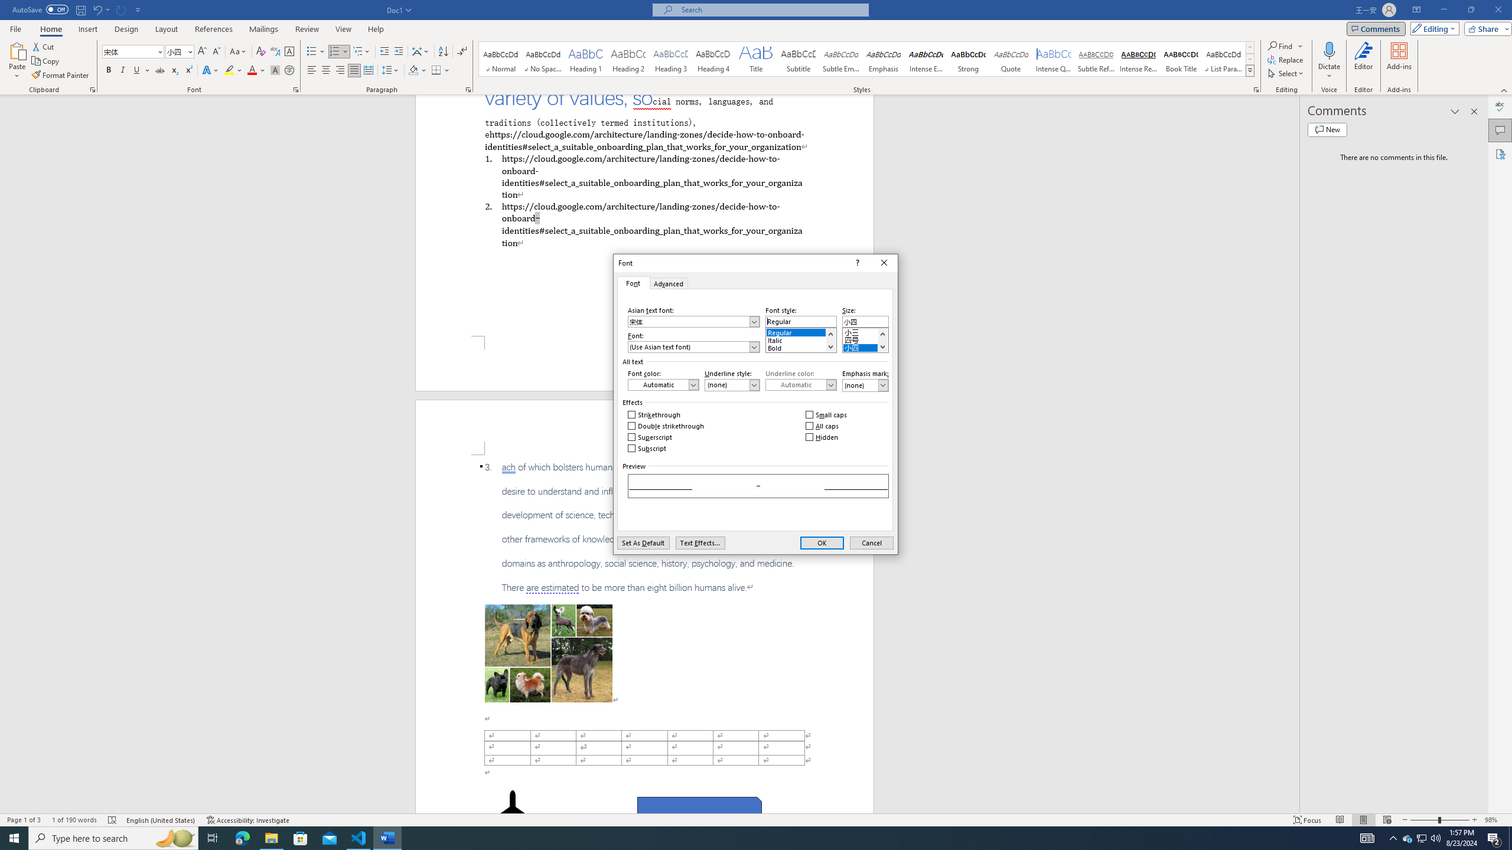 This screenshot has width=1512, height=850. I want to click on 'Insert', so click(87, 29).